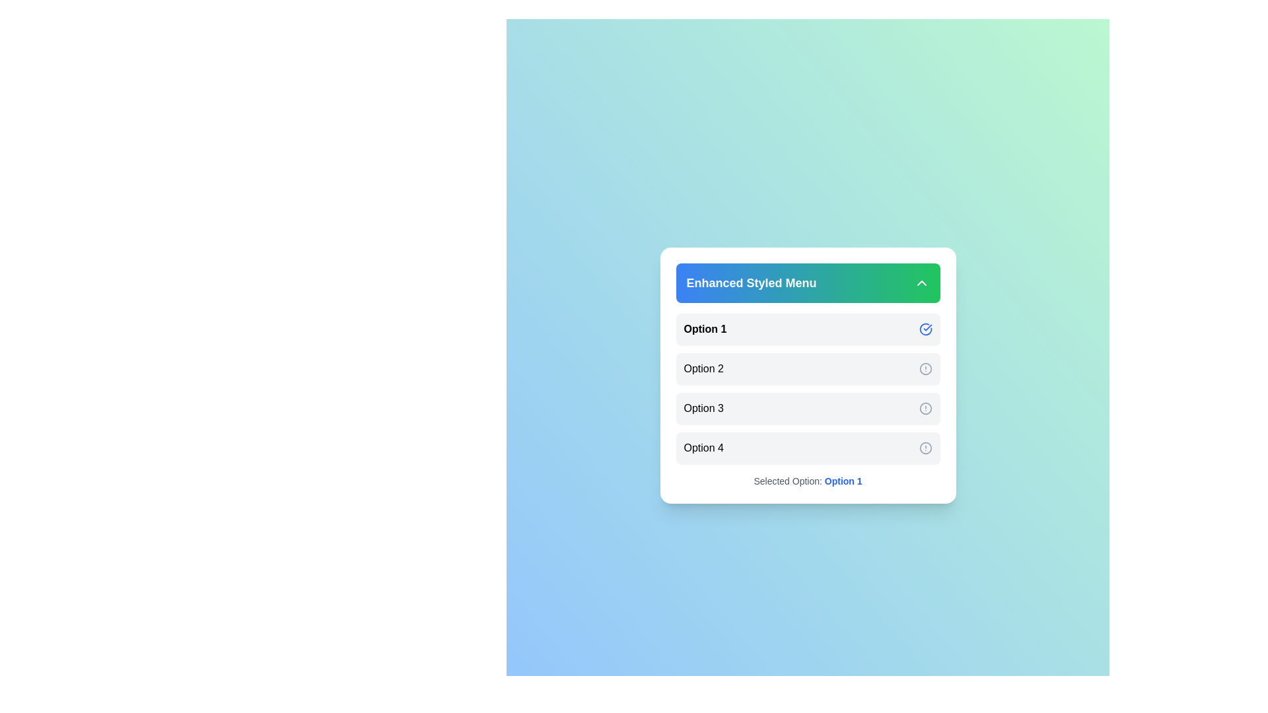 The image size is (1268, 713). What do you see at coordinates (807, 328) in the screenshot?
I see `the menu option Option 1 by clicking on it` at bounding box center [807, 328].